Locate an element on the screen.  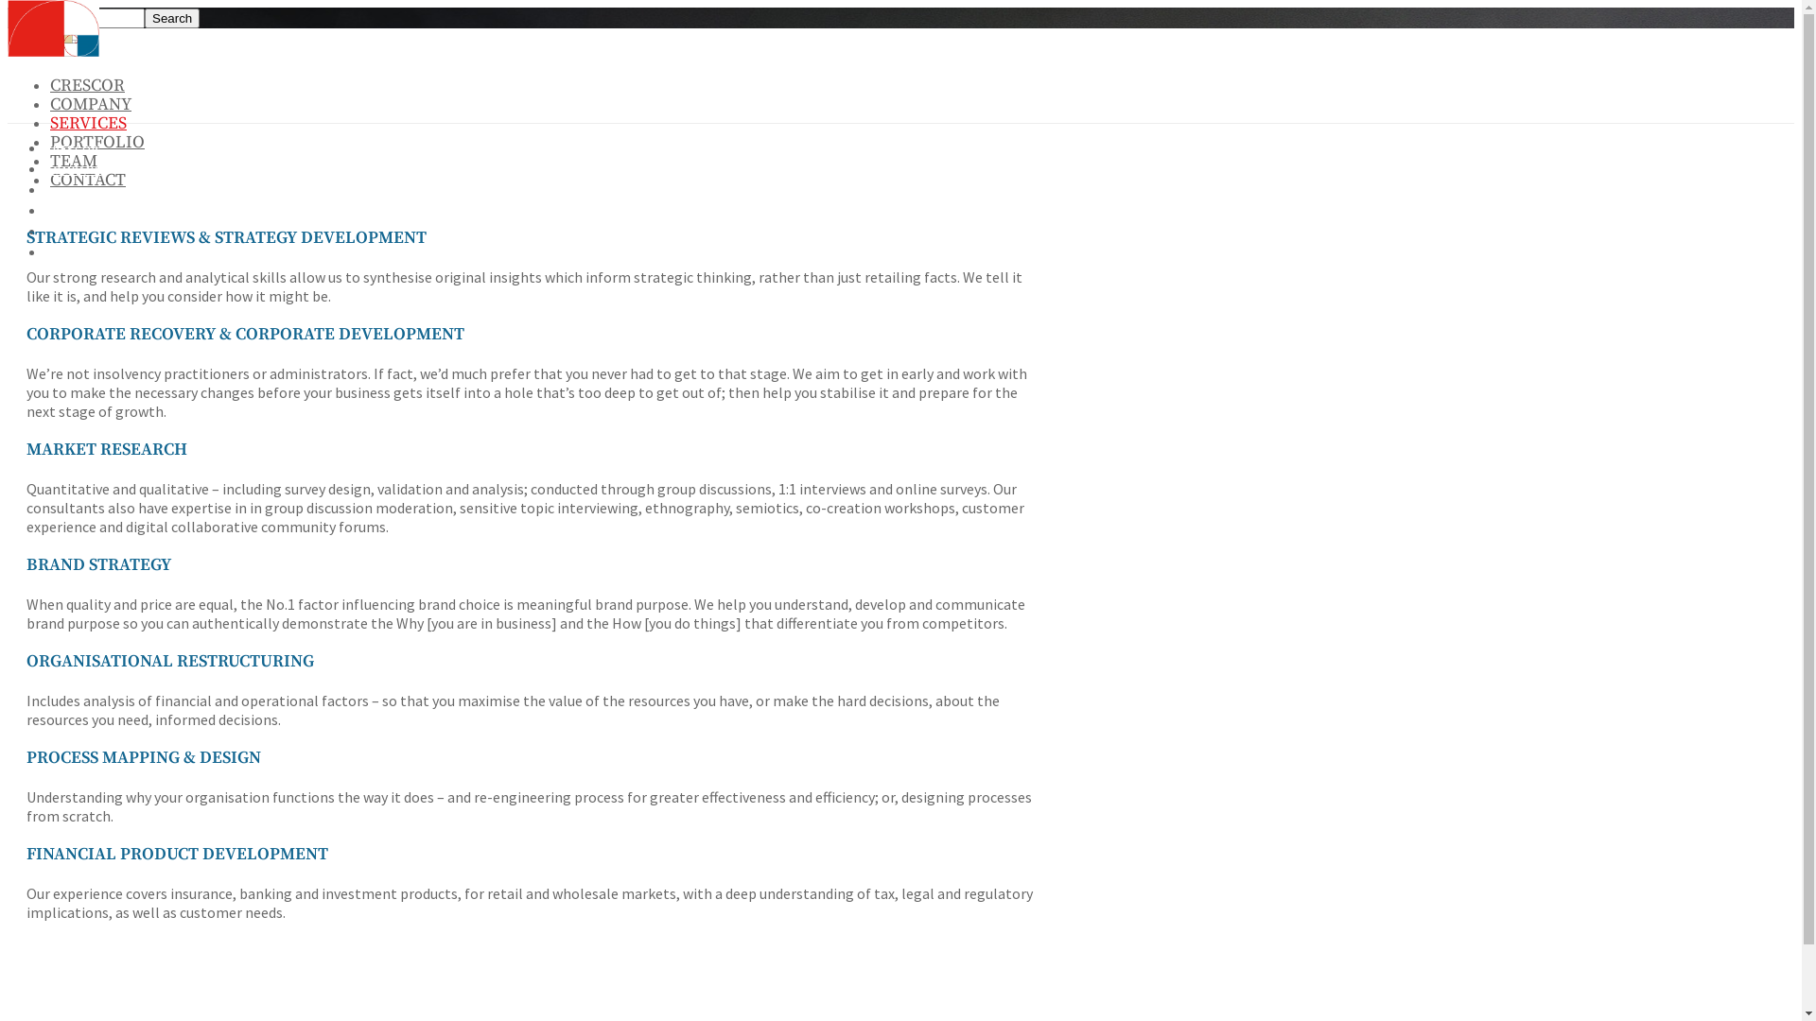
'TEAM' is located at coordinates (61, 231).